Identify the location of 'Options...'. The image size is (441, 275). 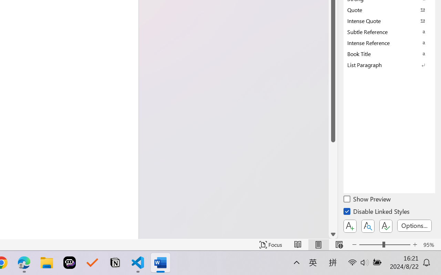
(414, 225).